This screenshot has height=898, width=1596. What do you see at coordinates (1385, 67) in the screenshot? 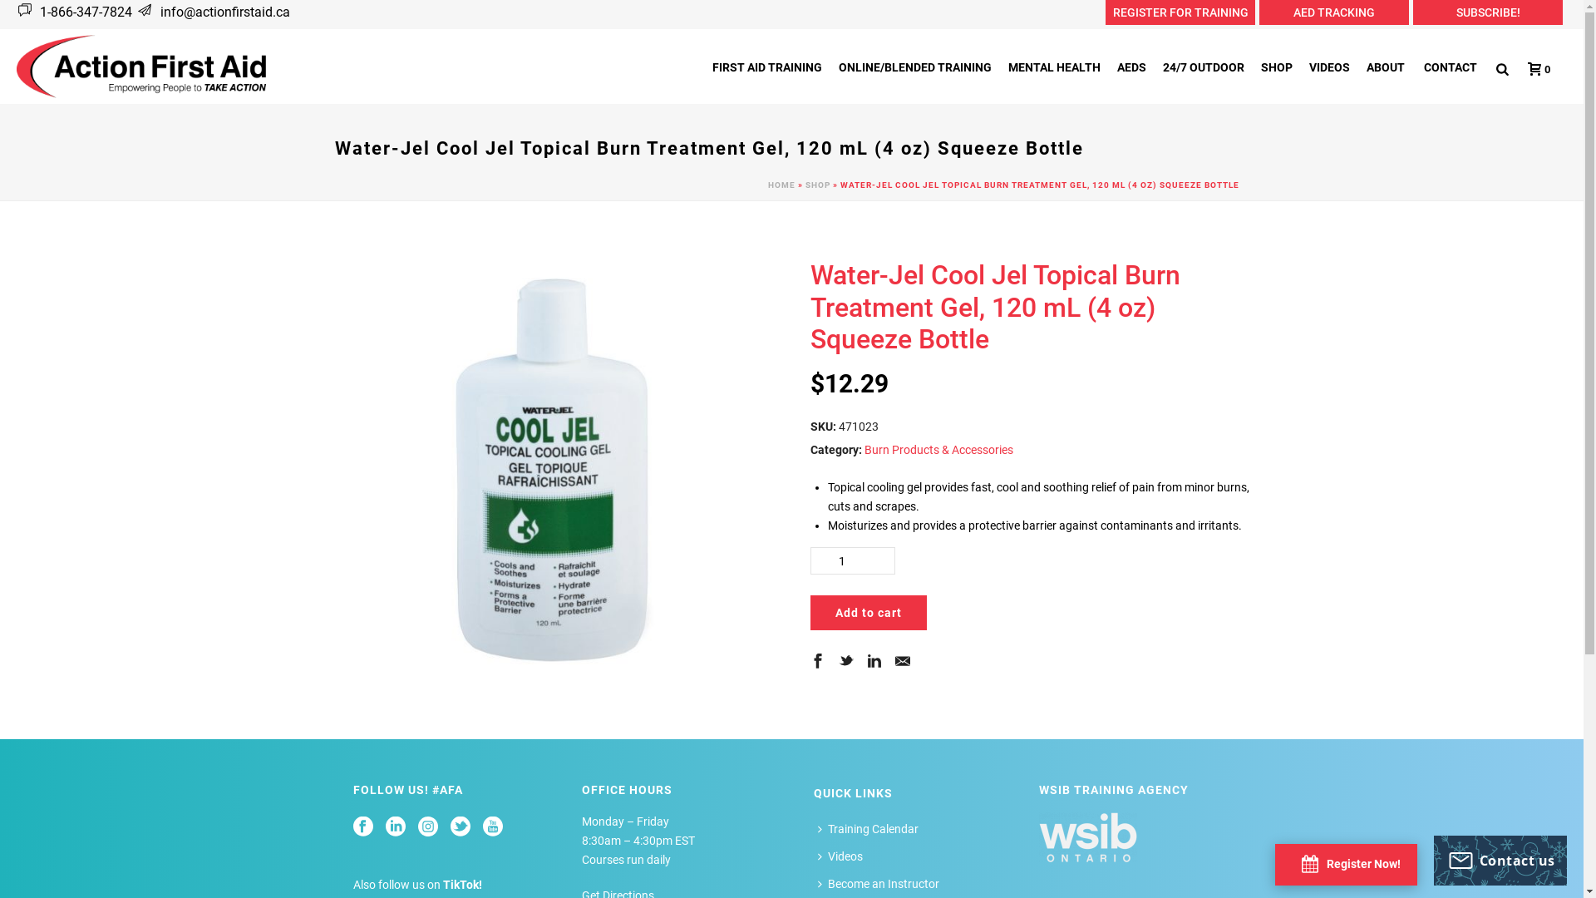
I see `'ABOUT'` at bounding box center [1385, 67].